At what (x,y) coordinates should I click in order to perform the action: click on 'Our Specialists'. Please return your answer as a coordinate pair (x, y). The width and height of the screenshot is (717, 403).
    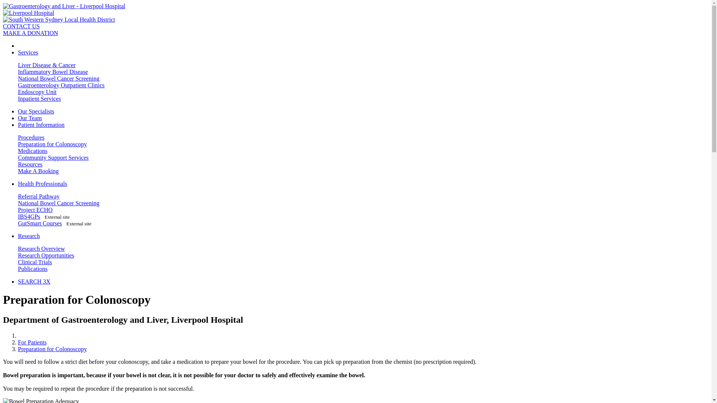
    Looking at the image, I should click on (35, 111).